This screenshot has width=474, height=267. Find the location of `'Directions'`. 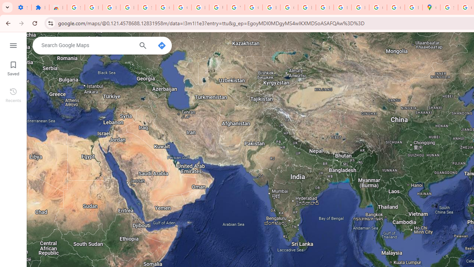

'Directions' is located at coordinates (161, 46).